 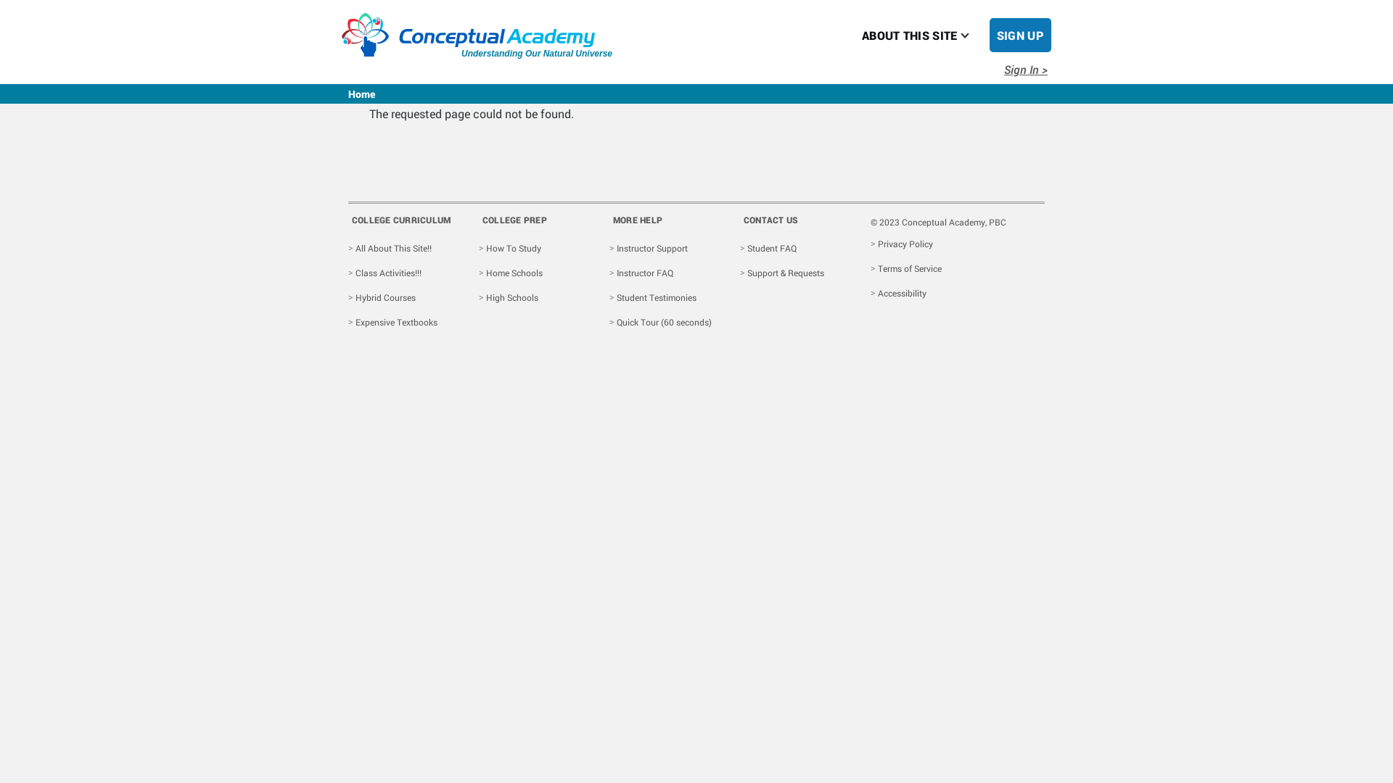 What do you see at coordinates (385, 296) in the screenshot?
I see `'Hybrid Courses'` at bounding box center [385, 296].